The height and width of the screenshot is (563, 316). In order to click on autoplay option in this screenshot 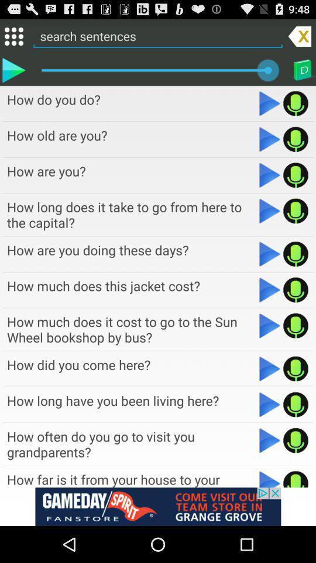, I will do `click(270, 211)`.